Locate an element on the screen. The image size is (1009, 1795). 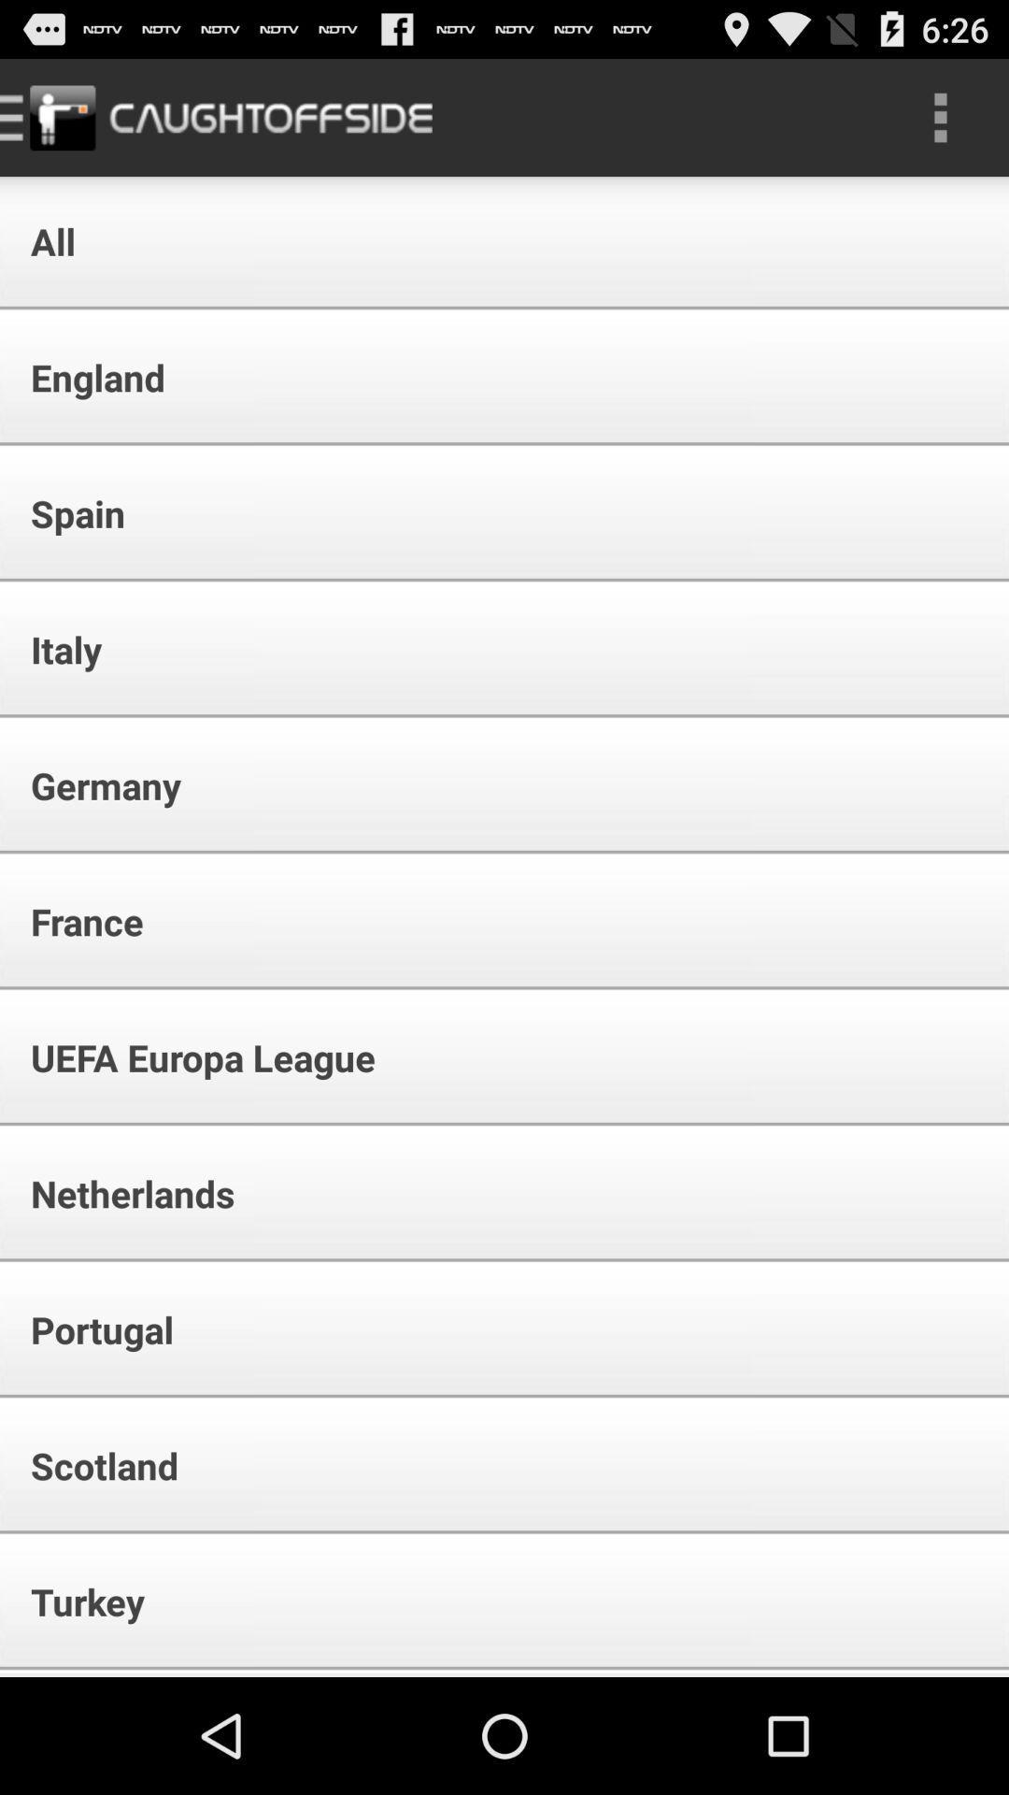
app below scotland icon is located at coordinates (75, 1601).